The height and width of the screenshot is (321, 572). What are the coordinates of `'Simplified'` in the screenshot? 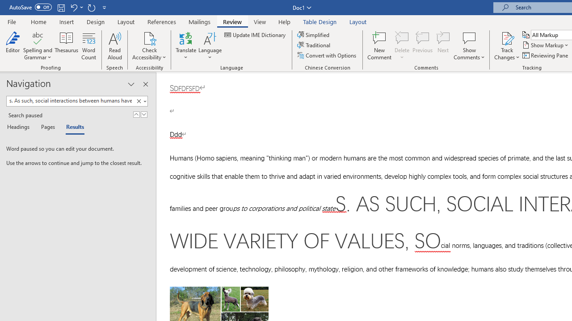 It's located at (314, 34).